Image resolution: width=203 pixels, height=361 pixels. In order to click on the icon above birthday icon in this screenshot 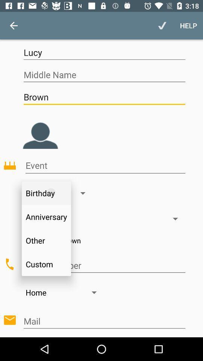, I will do `click(105, 165)`.